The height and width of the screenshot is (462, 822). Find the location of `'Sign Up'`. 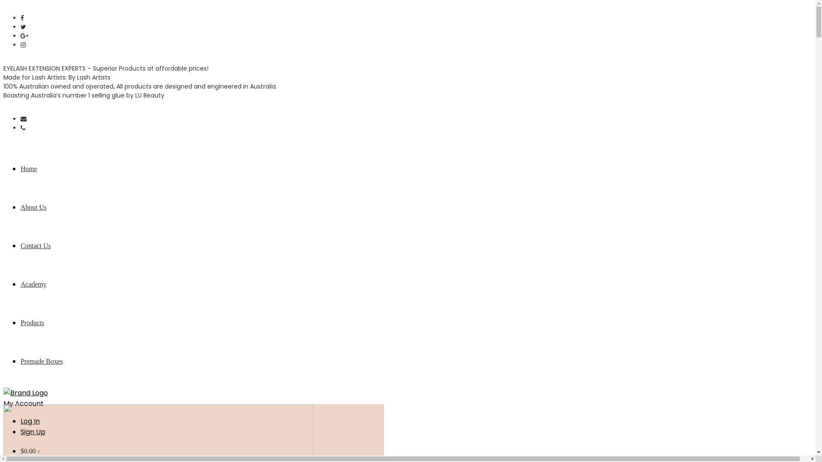

'Sign Up' is located at coordinates (33, 432).